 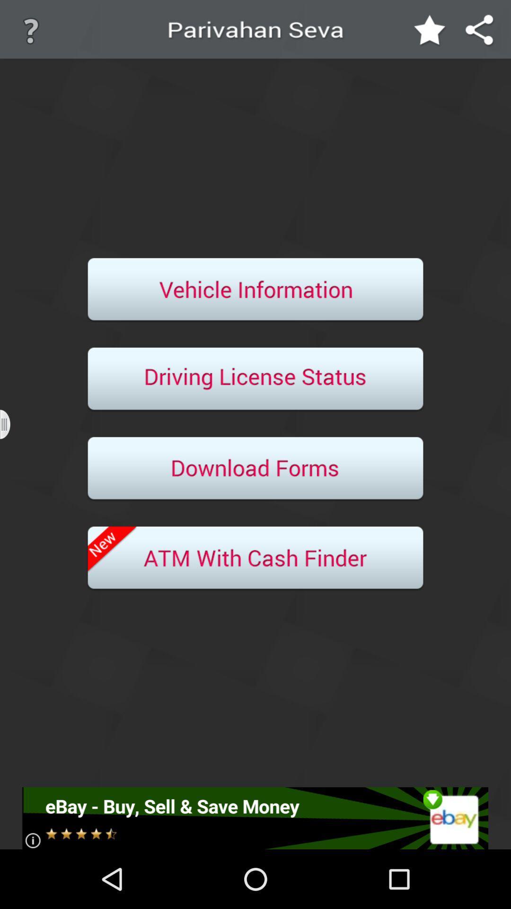 I want to click on advertisement click, so click(x=255, y=818).